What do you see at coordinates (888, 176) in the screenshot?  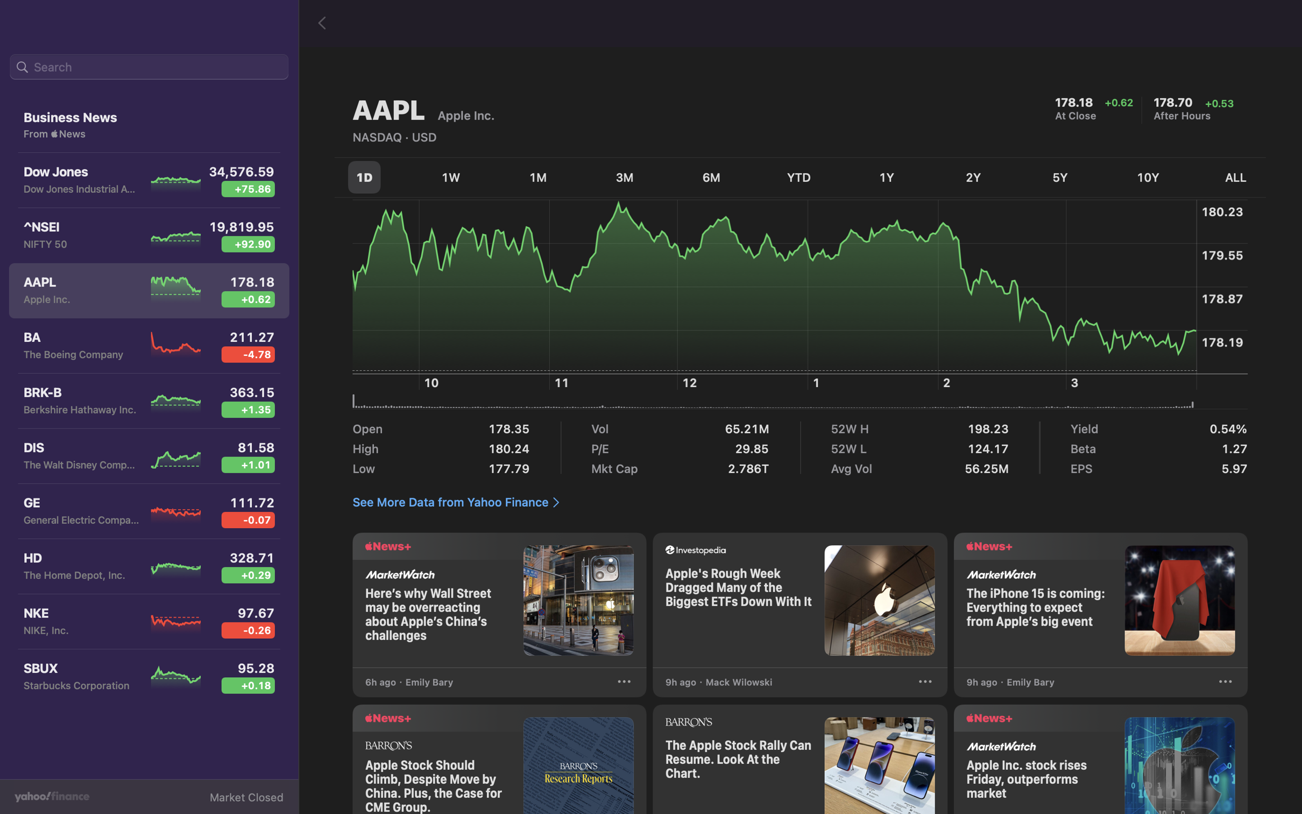 I see `Review the stock"s performance over the past year` at bounding box center [888, 176].